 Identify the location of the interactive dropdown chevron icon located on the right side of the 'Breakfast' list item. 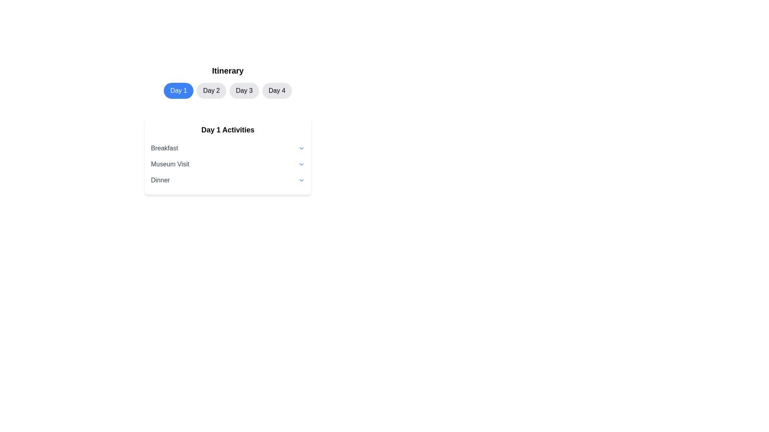
(301, 148).